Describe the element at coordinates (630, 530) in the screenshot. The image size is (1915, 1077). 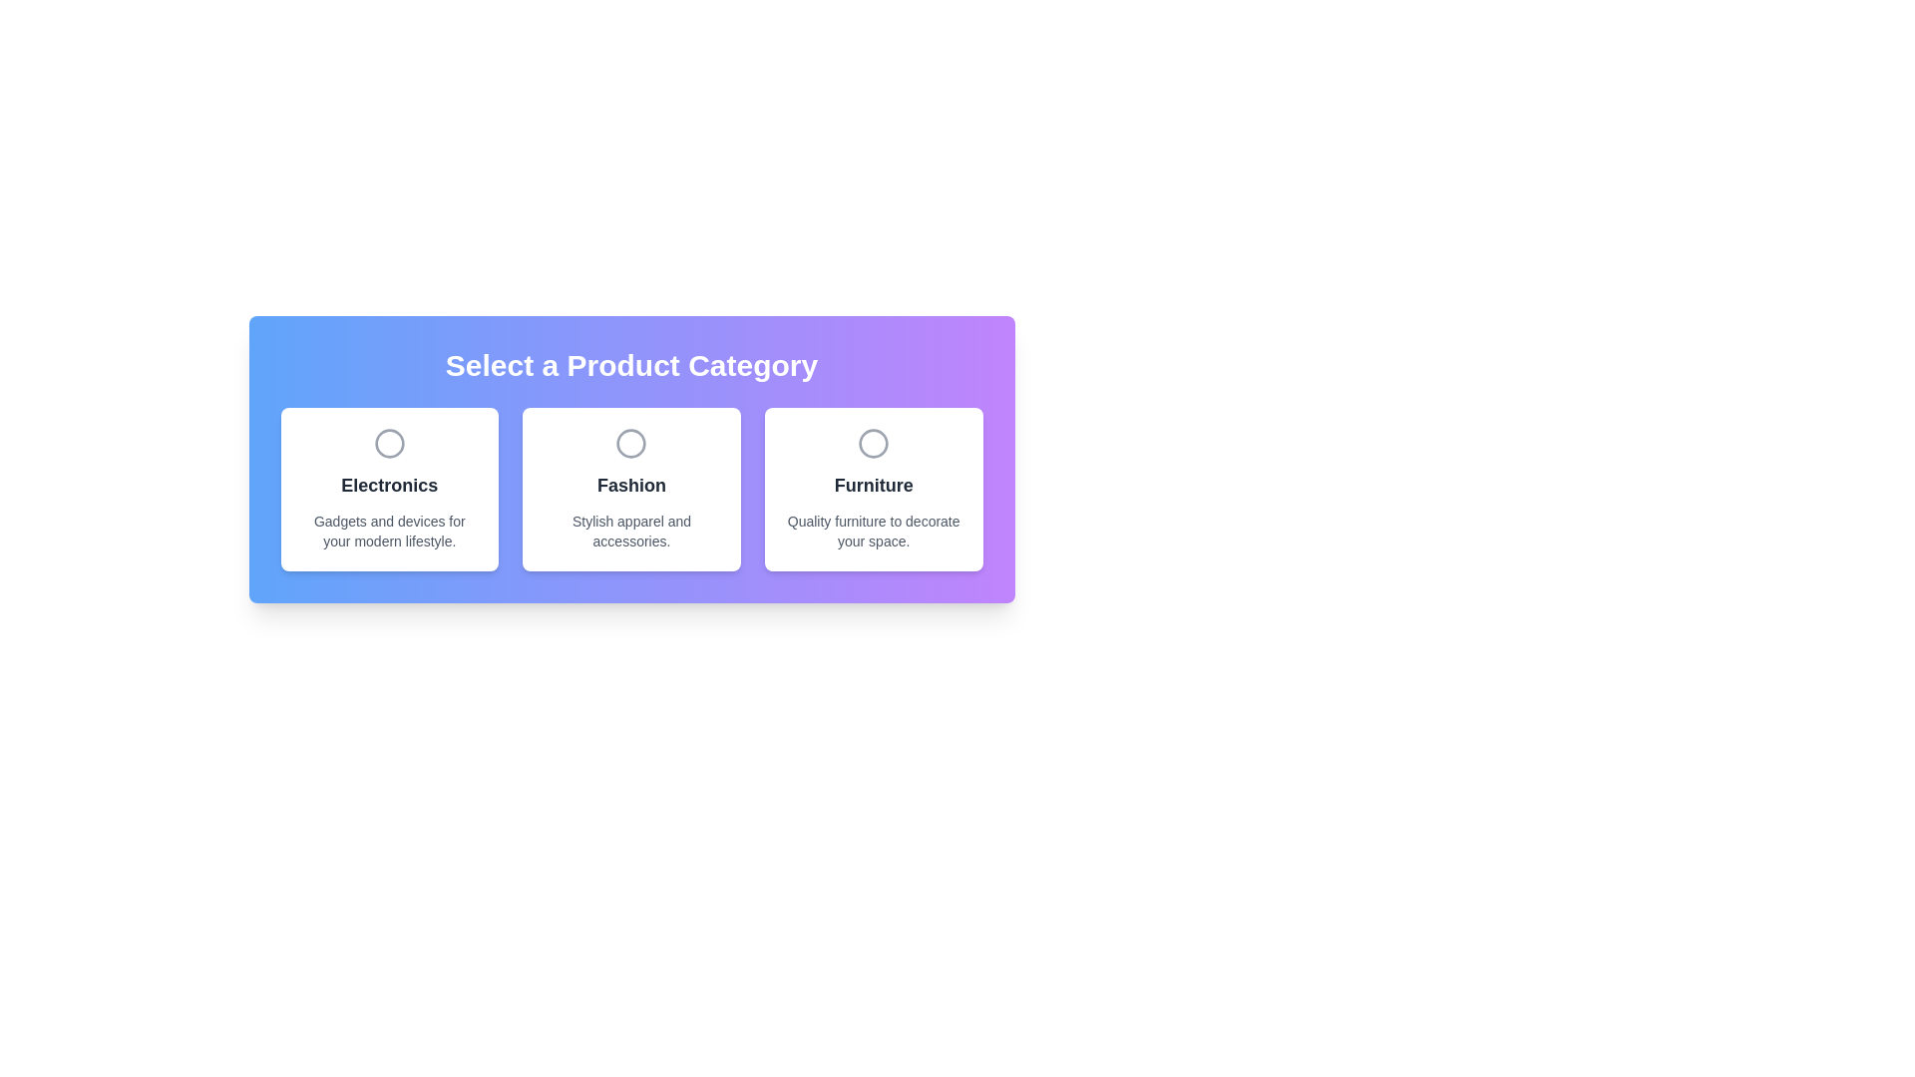
I see `the text element that describes the contents of the 'Fashion' category` at that location.